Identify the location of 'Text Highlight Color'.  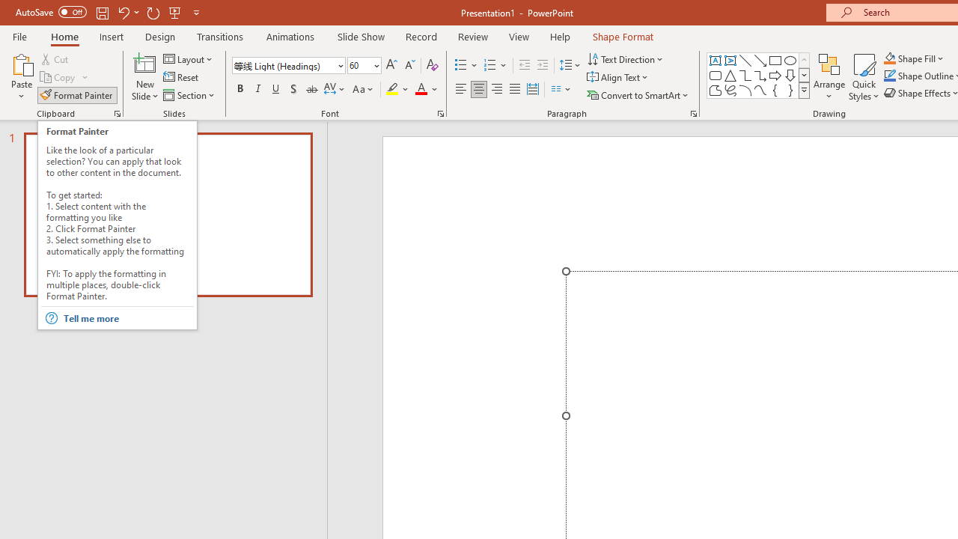
(397, 89).